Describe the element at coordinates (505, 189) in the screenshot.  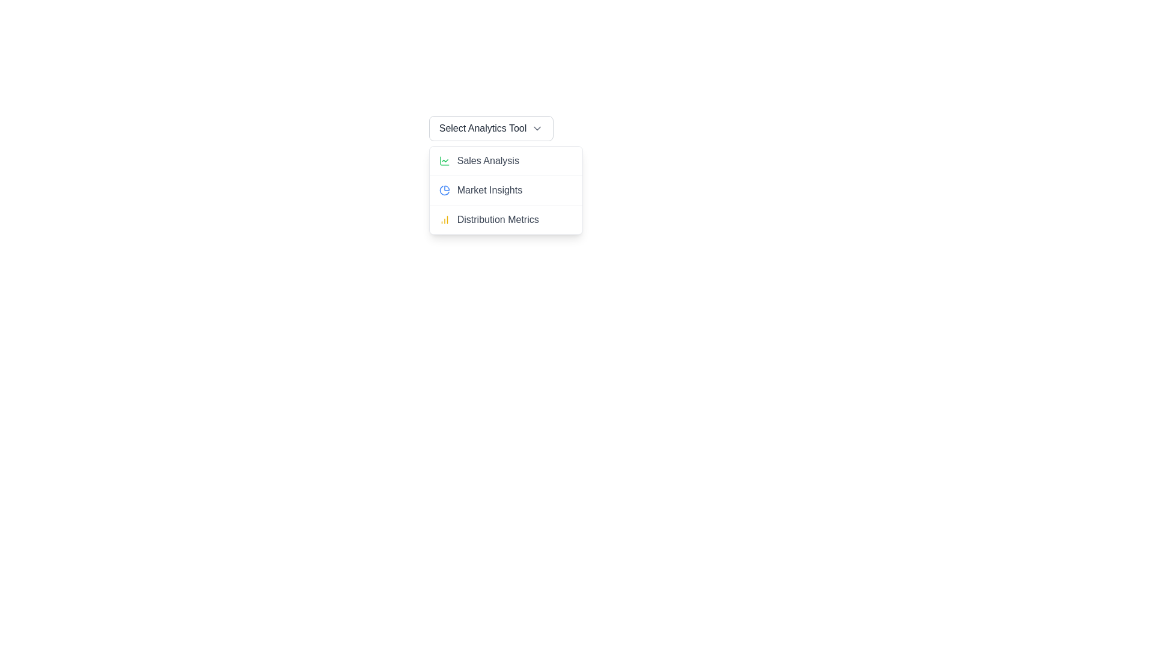
I see `the 'Market Insights' dropdown option, which is the second item in a vertical dropdown menu located below 'Sales Analysis' and above 'Distribution Metrics'` at that location.